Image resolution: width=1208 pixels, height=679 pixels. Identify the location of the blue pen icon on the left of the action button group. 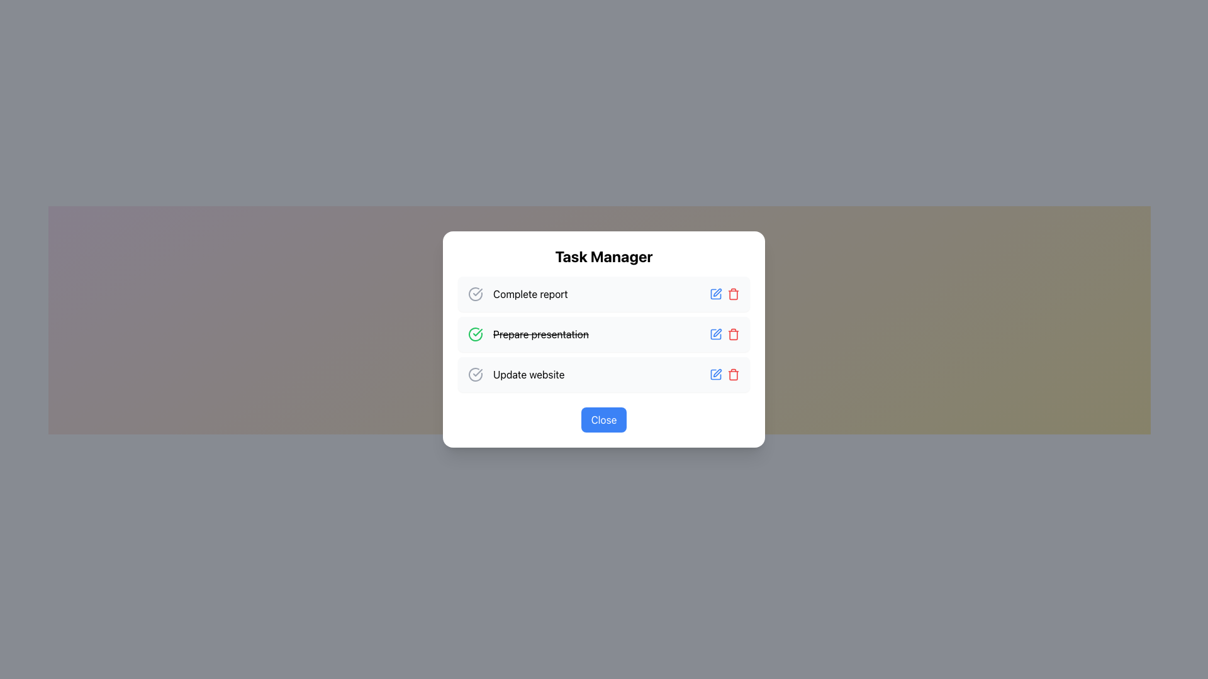
(725, 294).